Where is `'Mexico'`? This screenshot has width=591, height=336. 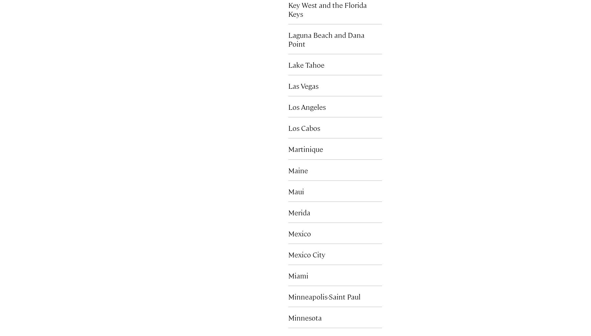
'Mexico' is located at coordinates (288, 233).